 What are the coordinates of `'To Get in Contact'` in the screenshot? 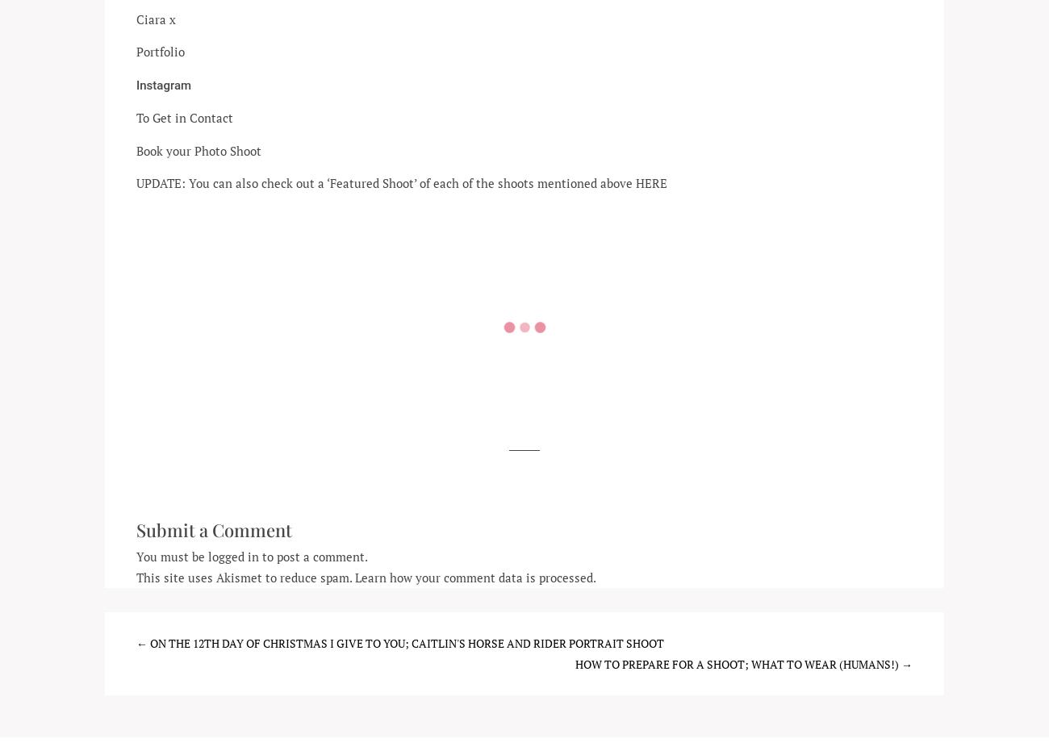 It's located at (184, 118).